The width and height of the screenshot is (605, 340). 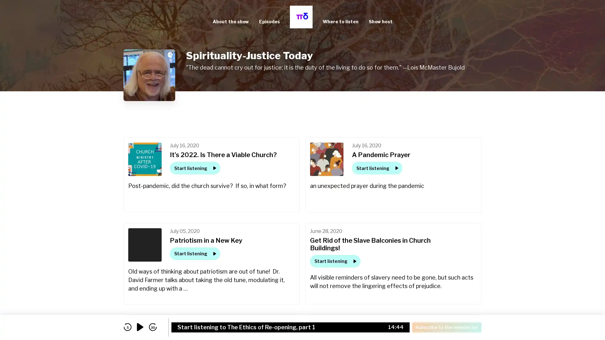 What do you see at coordinates (153, 327) in the screenshot?
I see `skip forward 30 seconds` at bounding box center [153, 327].